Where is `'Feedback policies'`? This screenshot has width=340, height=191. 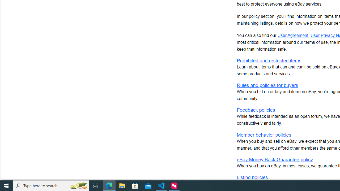 'Feedback policies' is located at coordinates (256, 110).